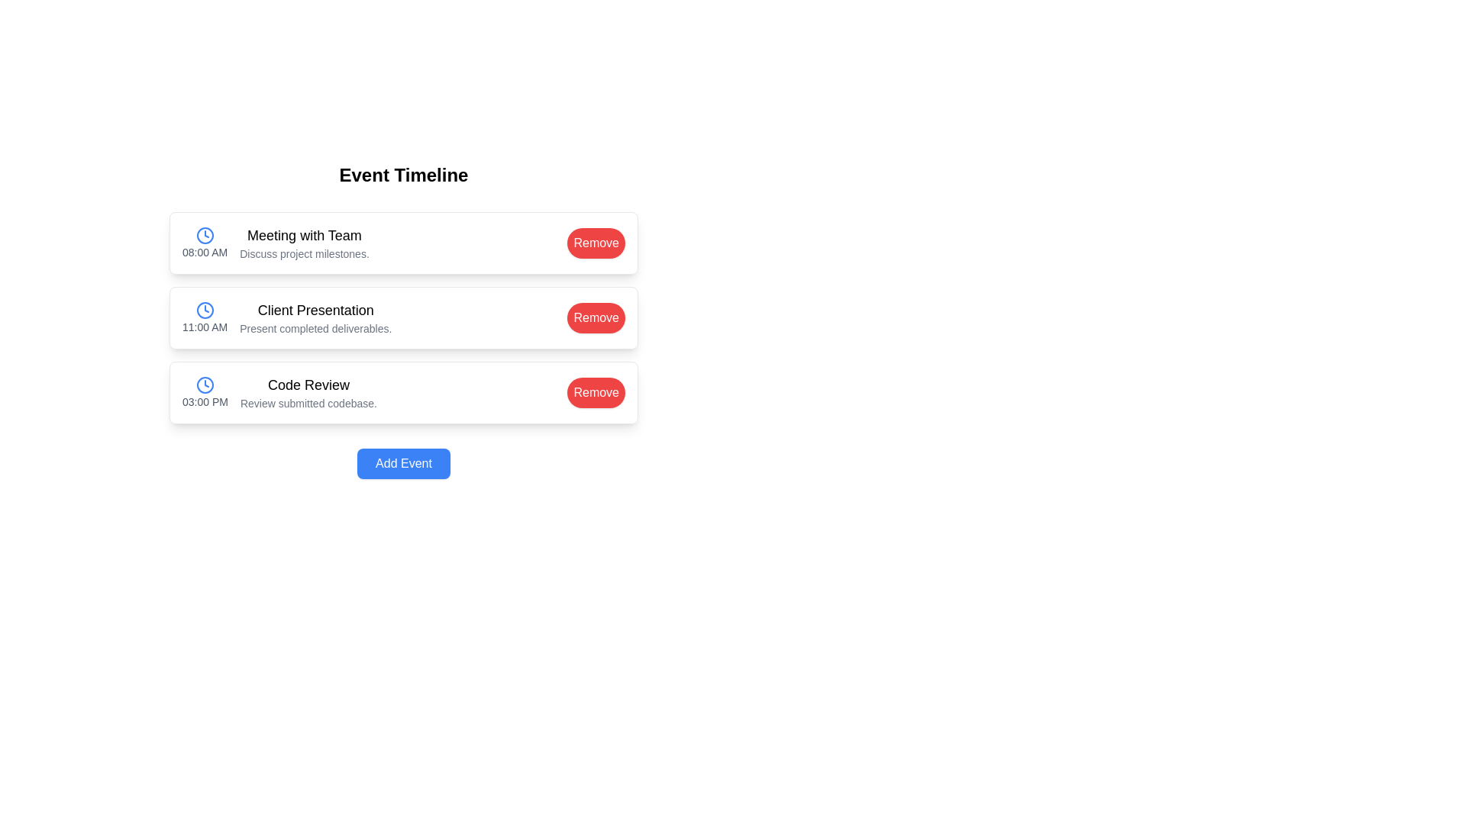 The width and height of the screenshot is (1466, 824). Describe the element at coordinates (315, 310) in the screenshot. I see `the text label that serves as the title or main identifier of the event card located in the second card of the event timeline list` at that location.